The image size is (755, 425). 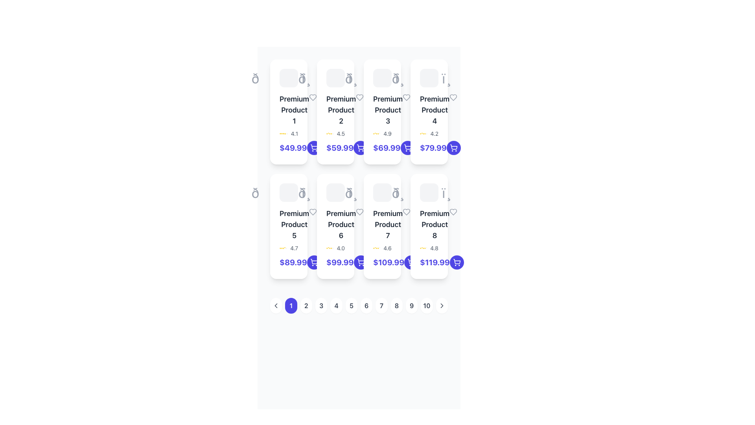 I want to click on price text displaying '$119.99' in bold indigo color located in the rightmost card of the bottom row, just above the shopping cart button, so click(x=434, y=262).